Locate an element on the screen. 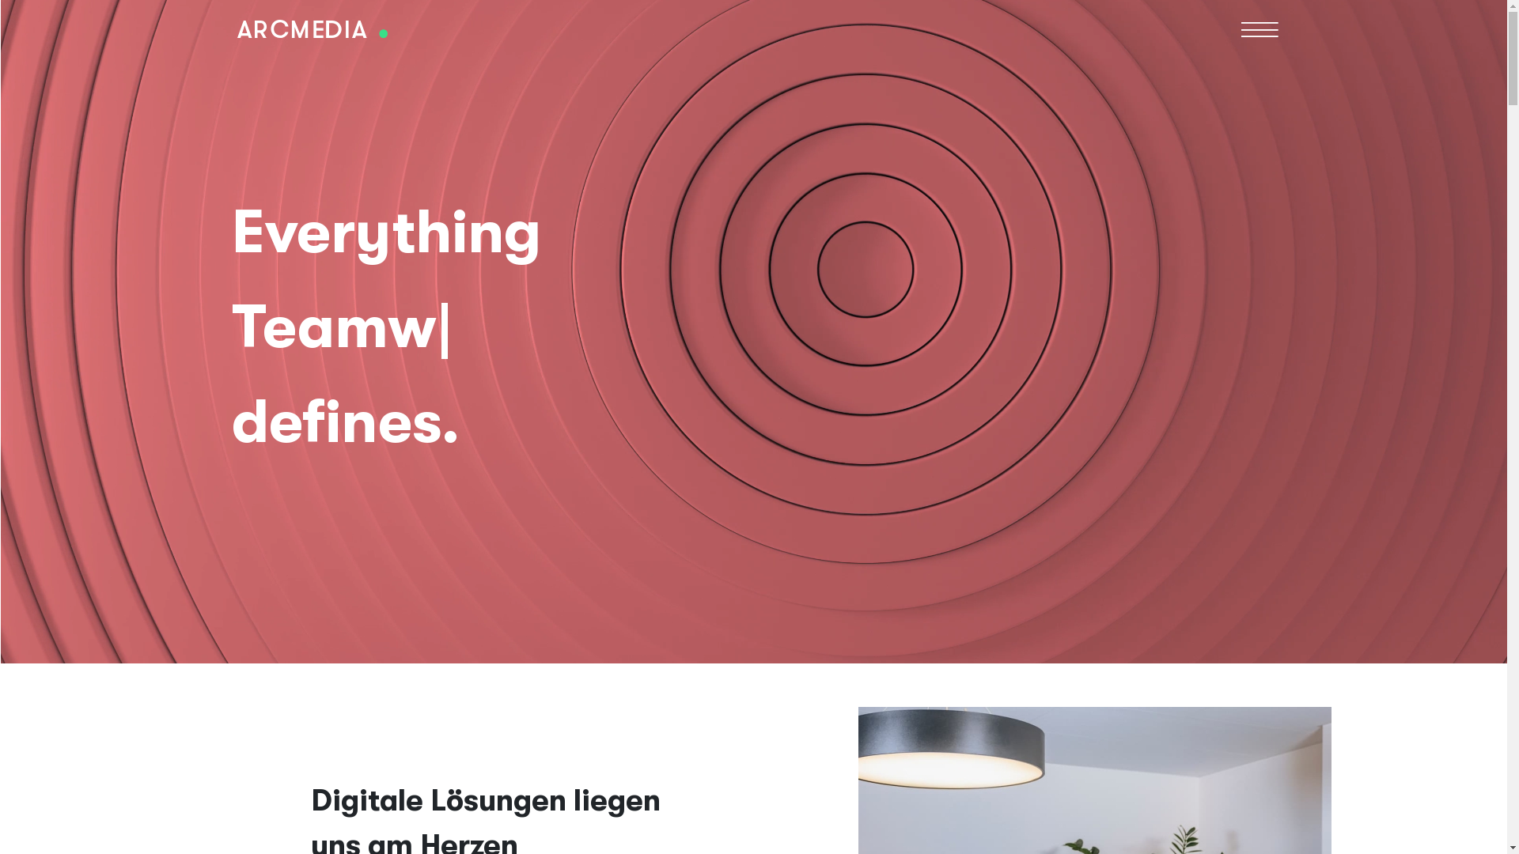 This screenshot has width=1519, height=854. 'Home' is located at coordinates (312, 28).